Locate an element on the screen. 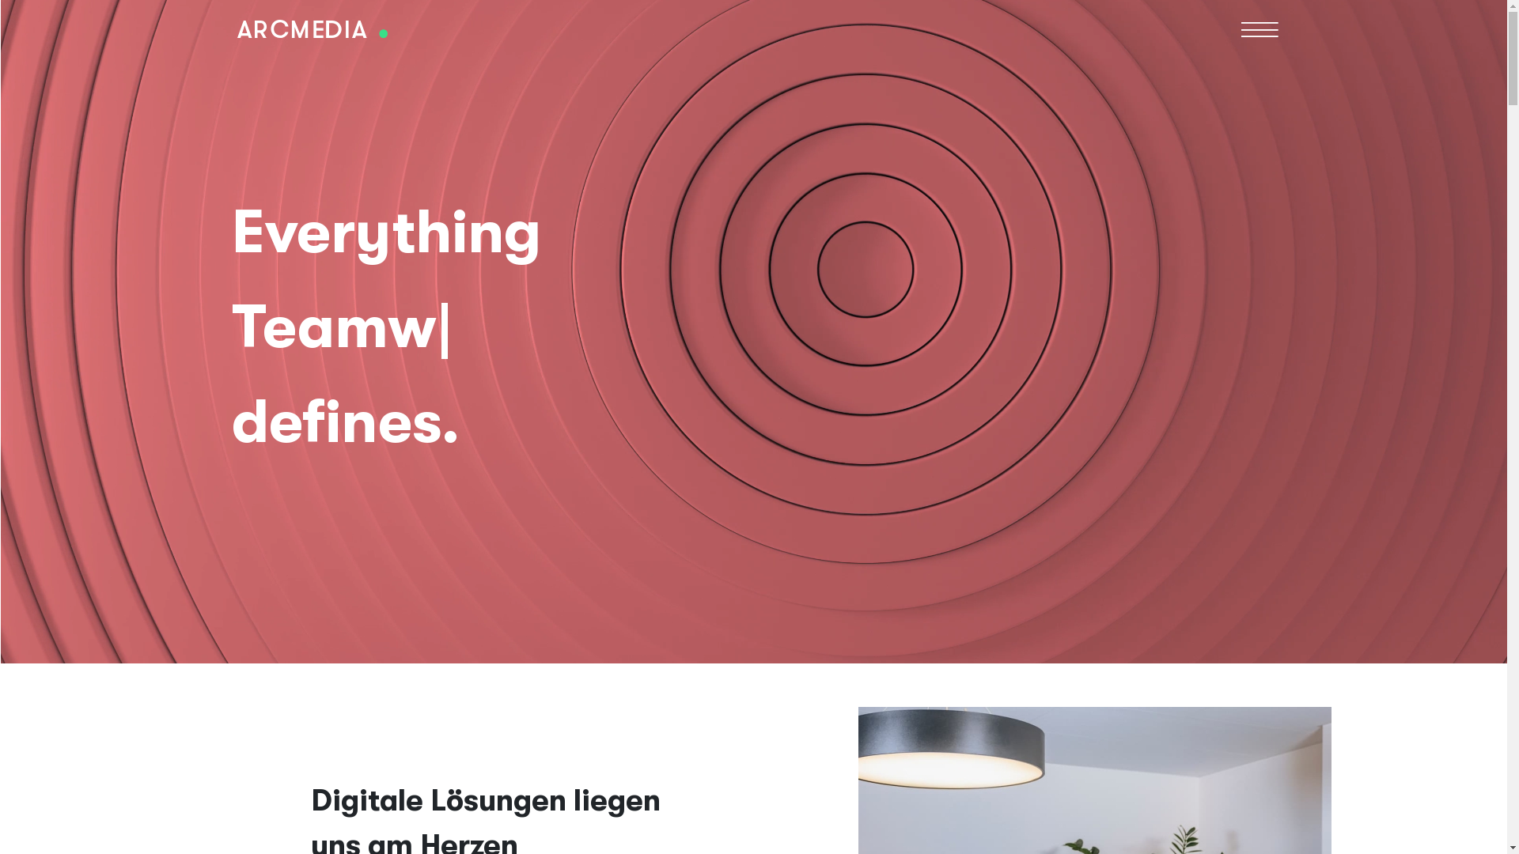 This screenshot has width=1519, height=854. 'Home' is located at coordinates (312, 28).